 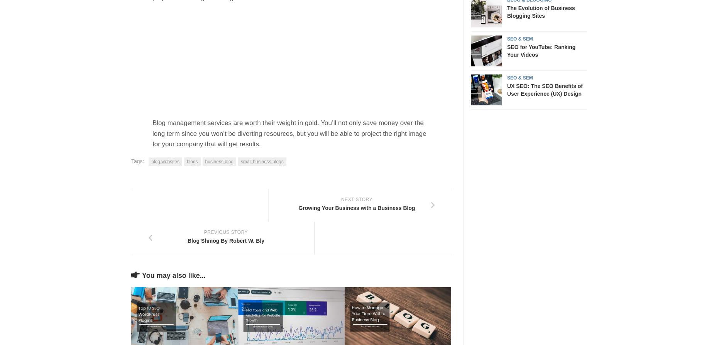 I want to click on 'blog websites', so click(x=165, y=161).